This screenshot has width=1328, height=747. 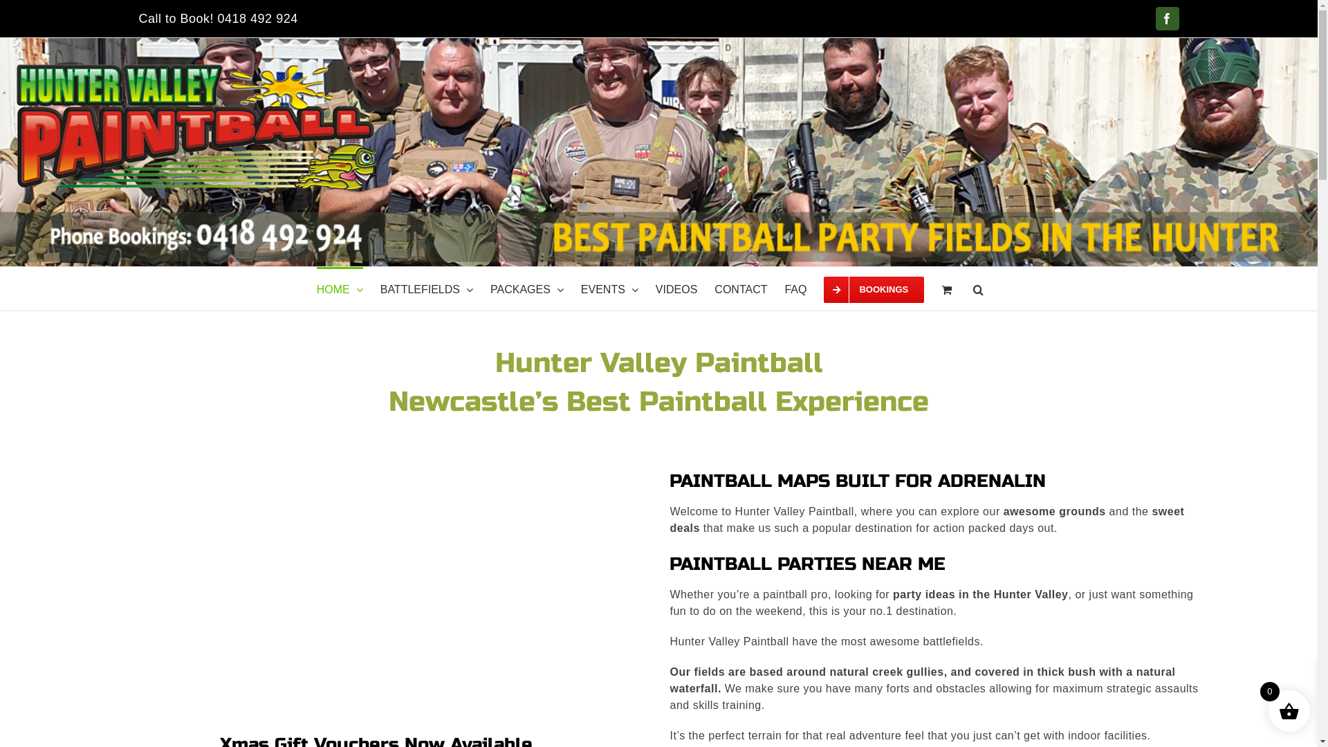 What do you see at coordinates (1167, 19) in the screenshot?
I see `'Facebook'` at bounding box center [1167, 19].